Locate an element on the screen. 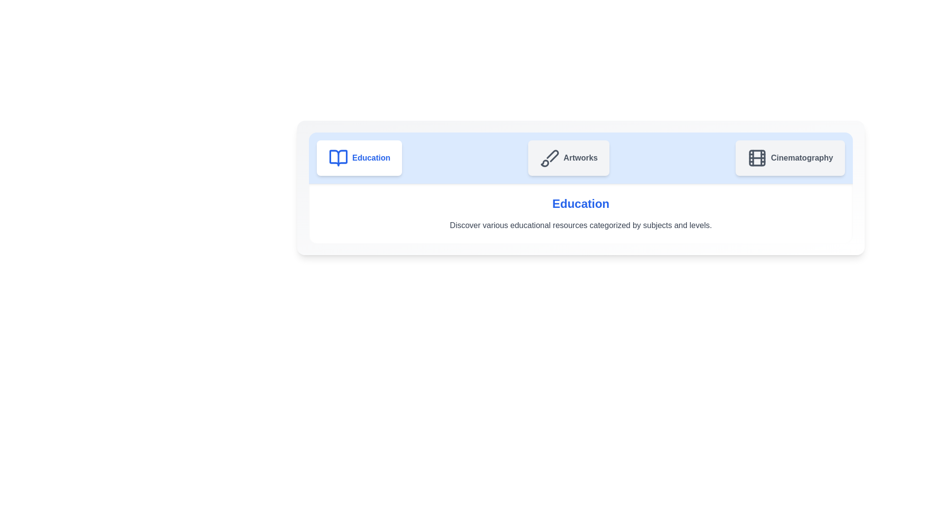 The image size is (946, 532). the displayed content in the content area of the selected tab is located at coordinates (581, 213).